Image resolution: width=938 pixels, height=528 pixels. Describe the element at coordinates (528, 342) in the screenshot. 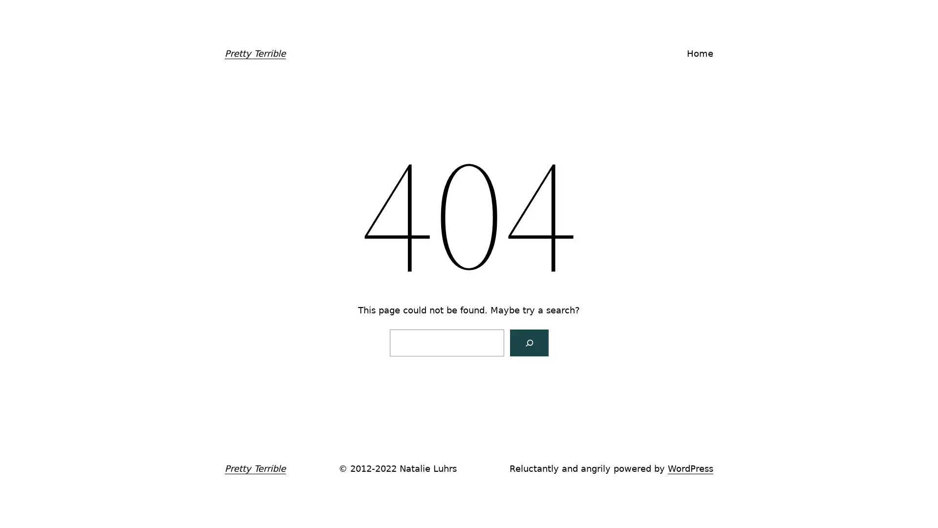

I see `Search` at that location.